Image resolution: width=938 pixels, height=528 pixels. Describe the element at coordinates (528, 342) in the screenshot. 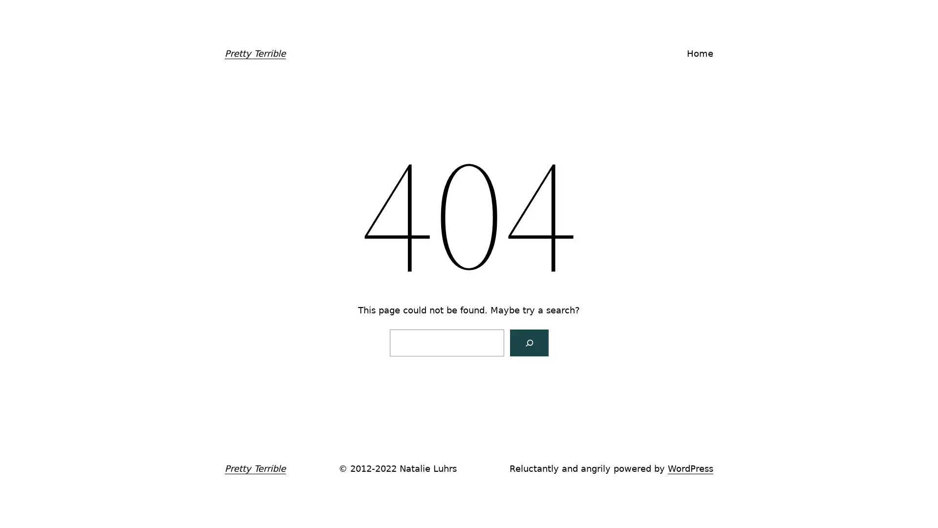

I see `Search` at that location.